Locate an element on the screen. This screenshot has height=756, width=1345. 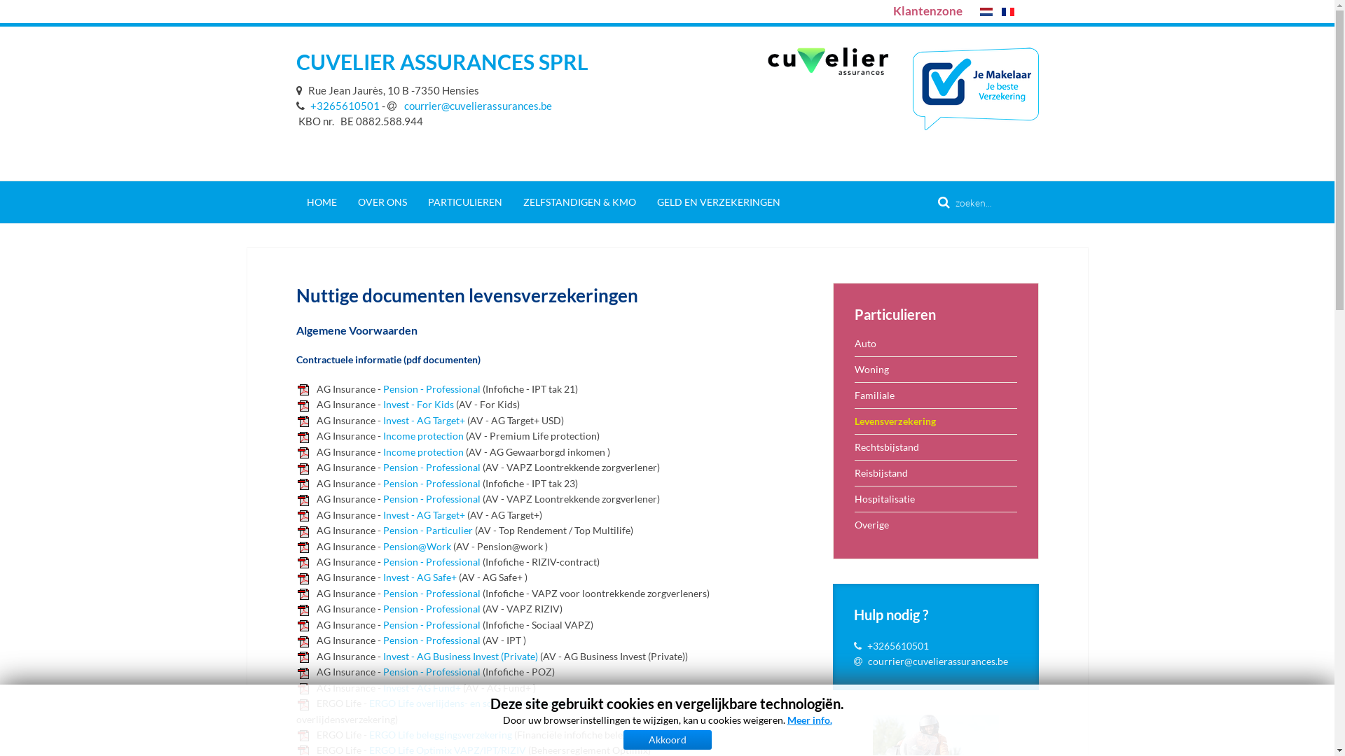
'Income protection' is located at coordinates (422, 435).